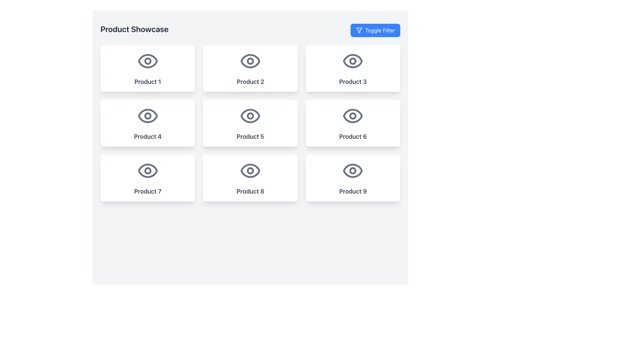 The image size is (641, 361). What do you see at coordinates (250, 192) in the screenshot?
I see `the text label displaying 'Product 8' located in the bottom central card of a 3x3 grid layout, specifically the second card in the last row, which is below an eye-shaped icon and centrally aligned within its card` at bounding box center [250, 192].